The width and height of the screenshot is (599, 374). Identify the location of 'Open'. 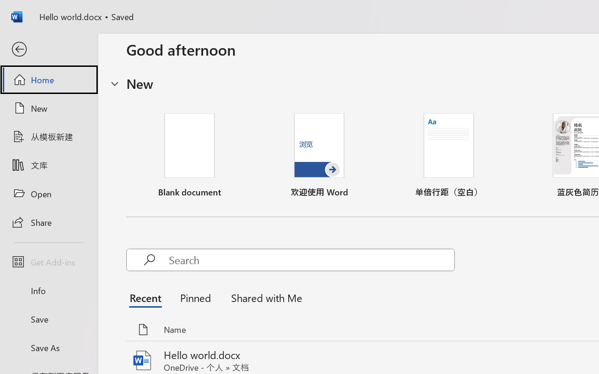
(48, 194).